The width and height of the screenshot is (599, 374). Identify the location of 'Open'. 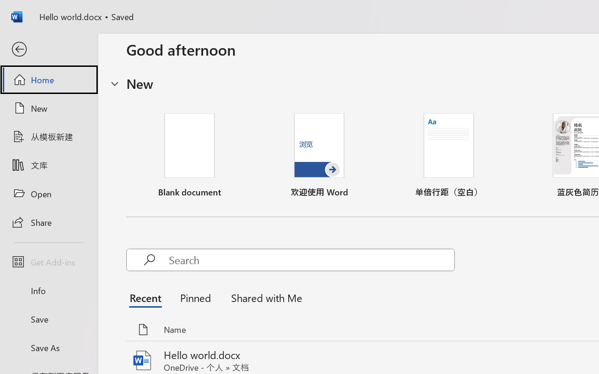
(48, 194).